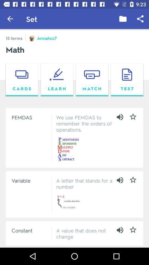  What do you see at coordinates (30, 180) in the screenshot?
I see `variable item` at bounding box center [30, 180].